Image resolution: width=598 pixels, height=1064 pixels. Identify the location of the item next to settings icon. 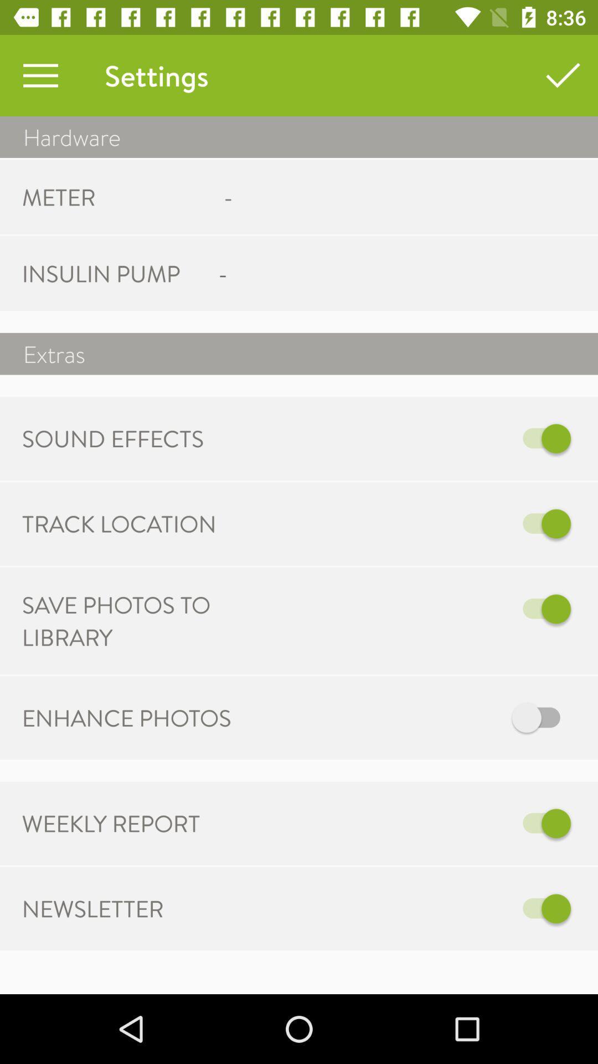
(40, 75).